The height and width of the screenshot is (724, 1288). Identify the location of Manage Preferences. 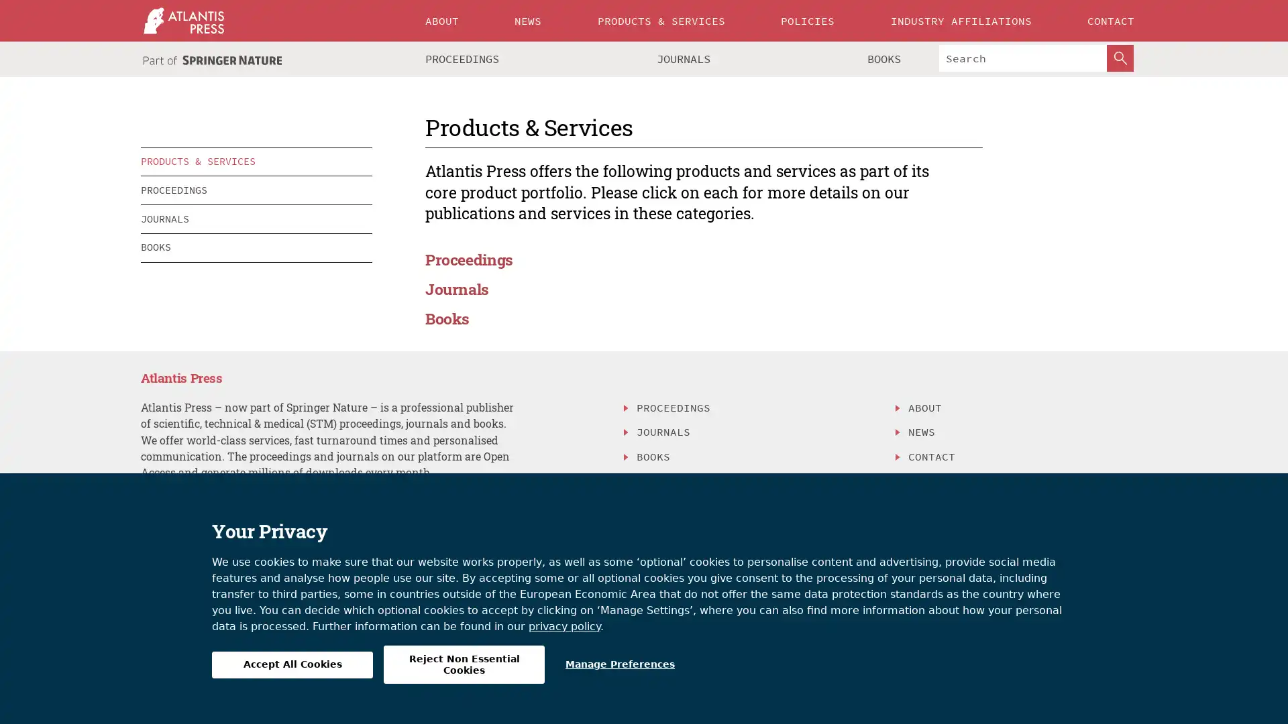
(619, 664).